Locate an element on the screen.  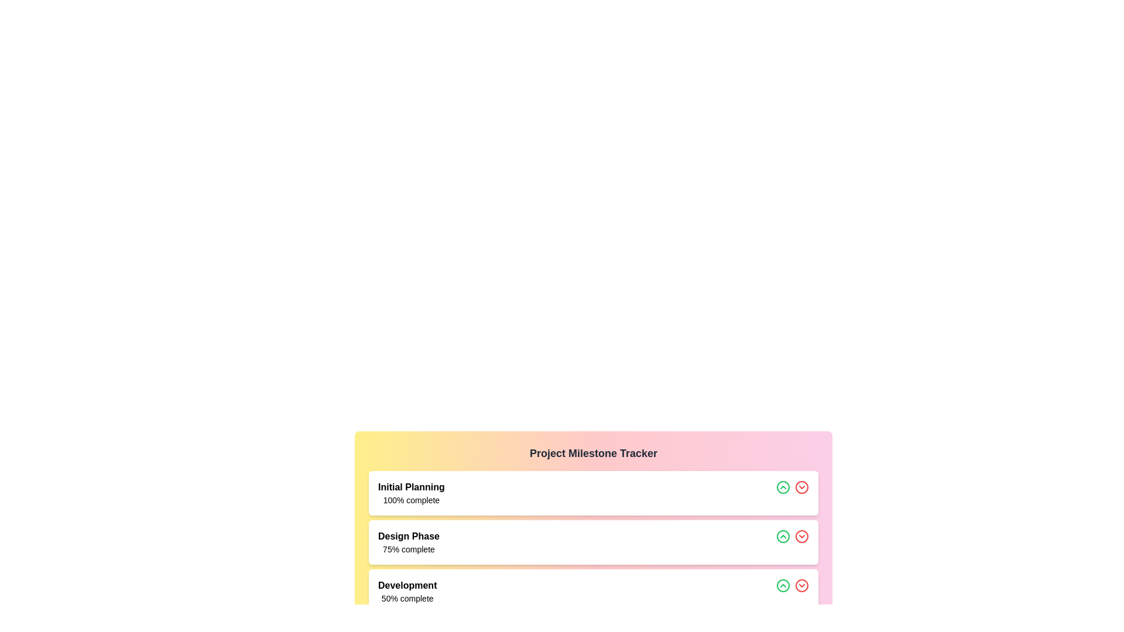
the text content of the milestone stage element titled 'Design Phase' which indicates a 75% completion, positioned in the second row of the project milestone tracker is located at coordinates (409, 542).